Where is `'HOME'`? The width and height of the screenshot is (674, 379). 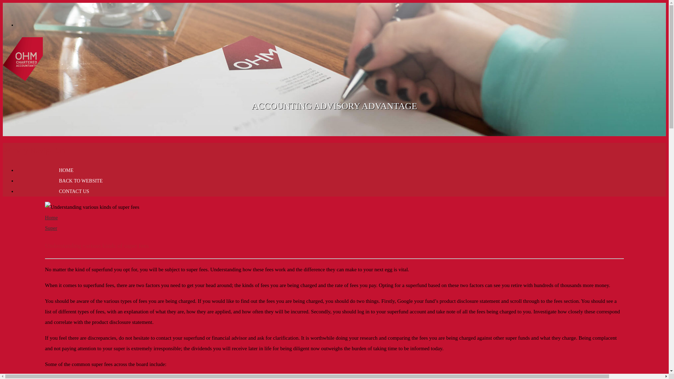
'HOME' is located at coordinates (38, 170).